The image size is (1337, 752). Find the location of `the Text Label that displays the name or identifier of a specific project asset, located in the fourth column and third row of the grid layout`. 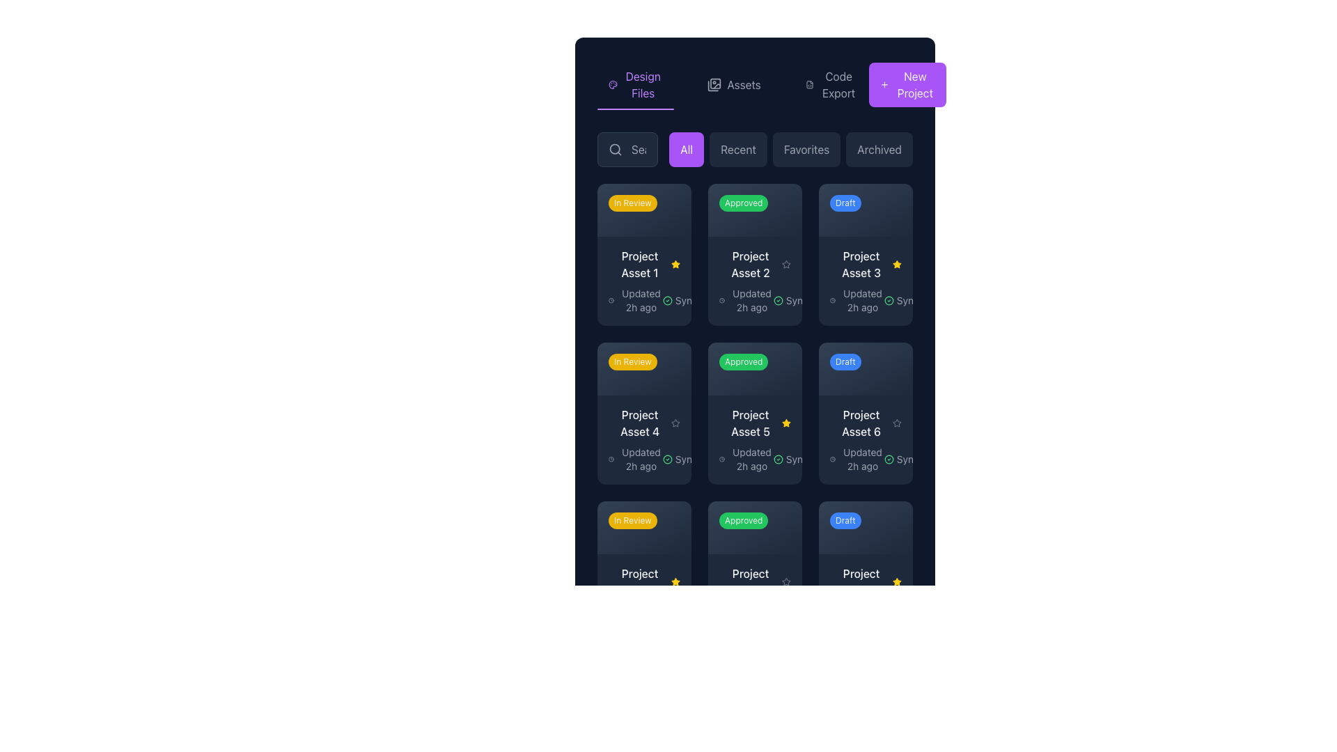

the Text Label that displays the name or identifier of a specific project asset, located in the fourth column and third row of the grid layout is located at coordinates (861, 581).